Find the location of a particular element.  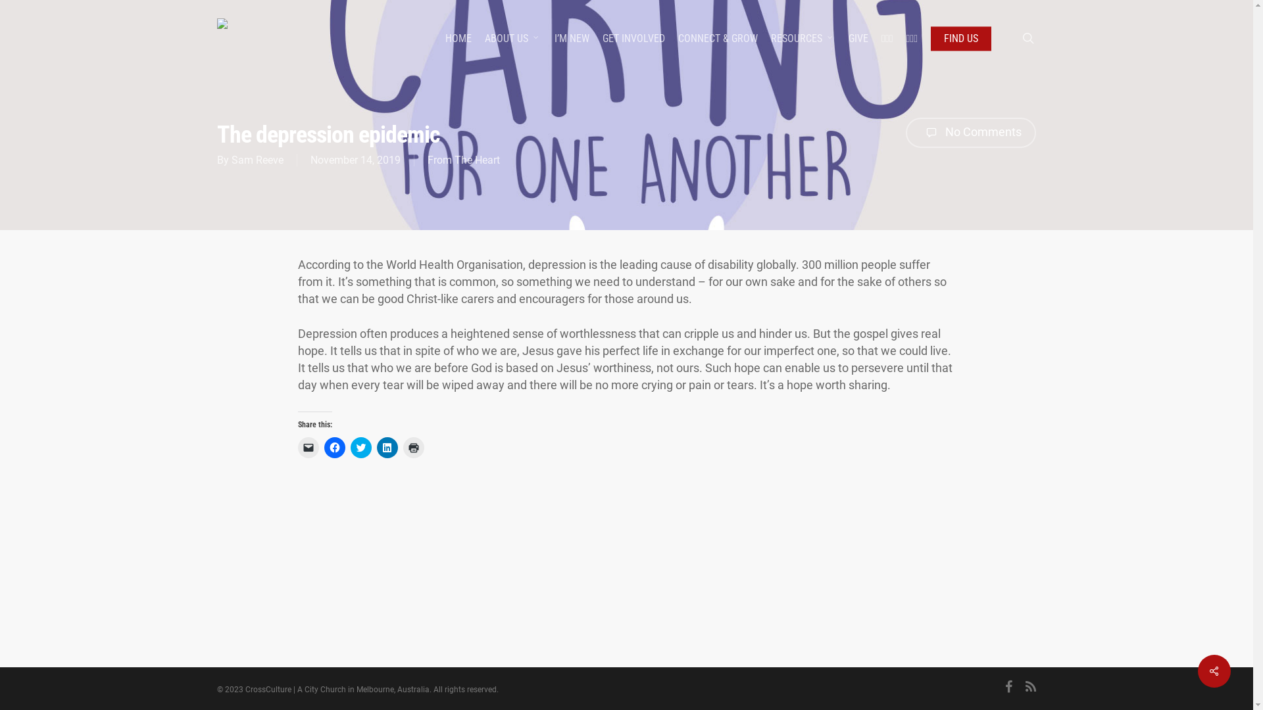

'GIVE' is located at coordinates (858, 37).